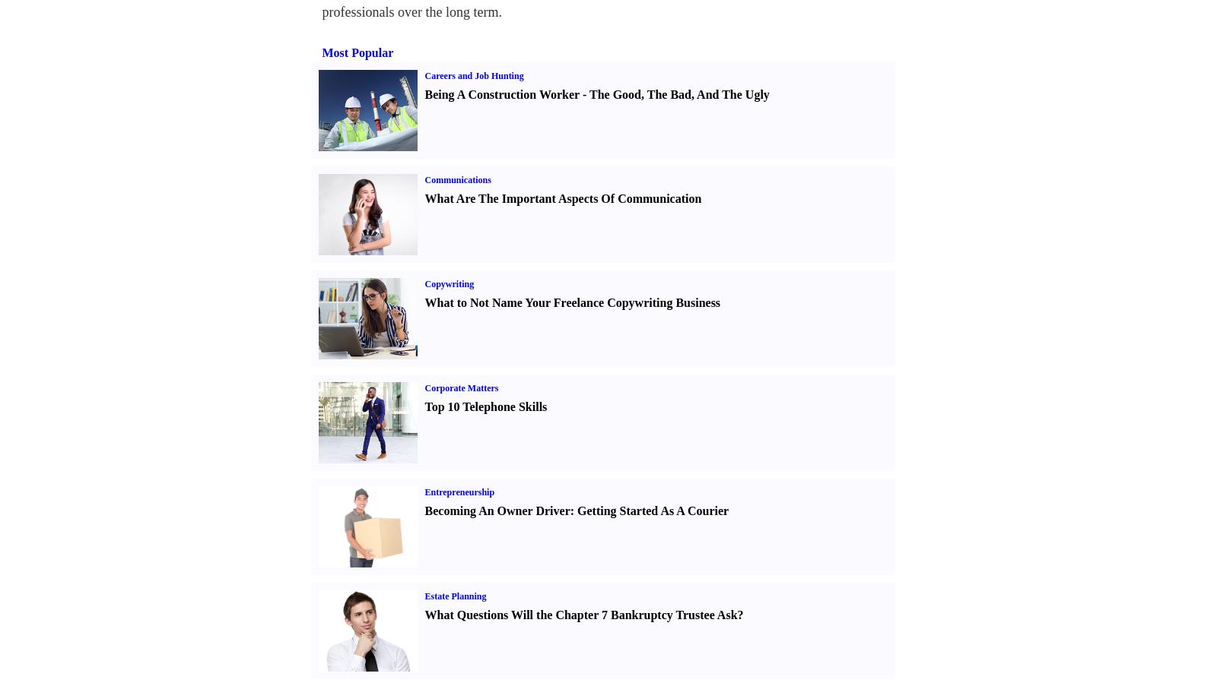 This screenshot has width=1217, height=686. What do you see at coordinates (501, 94) in the screenshot?
I see `'Being A Construction Worker'` at bounding box center [501, 94].